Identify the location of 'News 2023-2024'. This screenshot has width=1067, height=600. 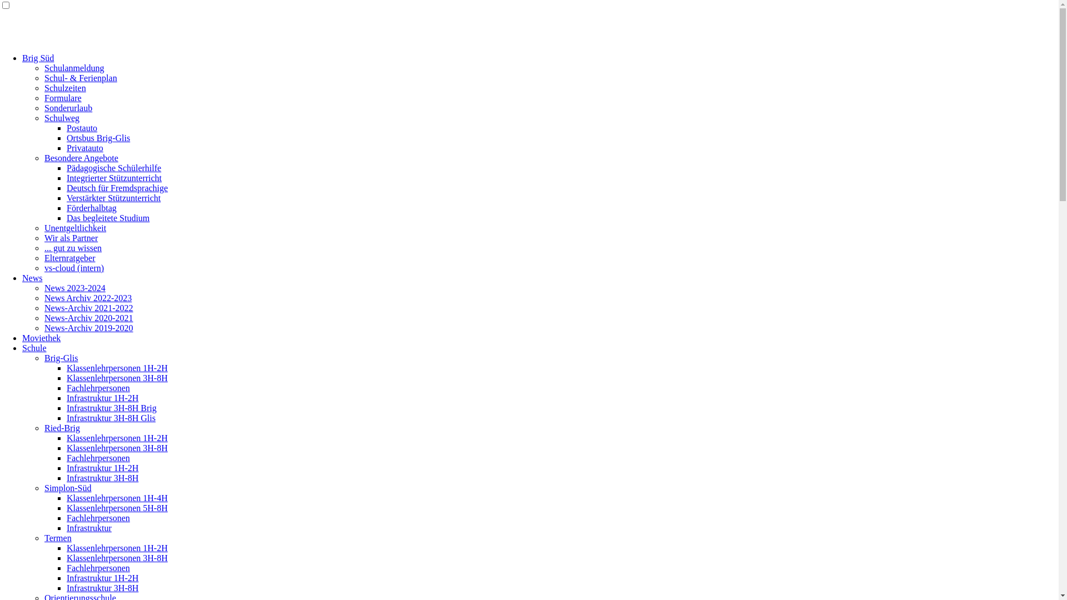
(74, 287).